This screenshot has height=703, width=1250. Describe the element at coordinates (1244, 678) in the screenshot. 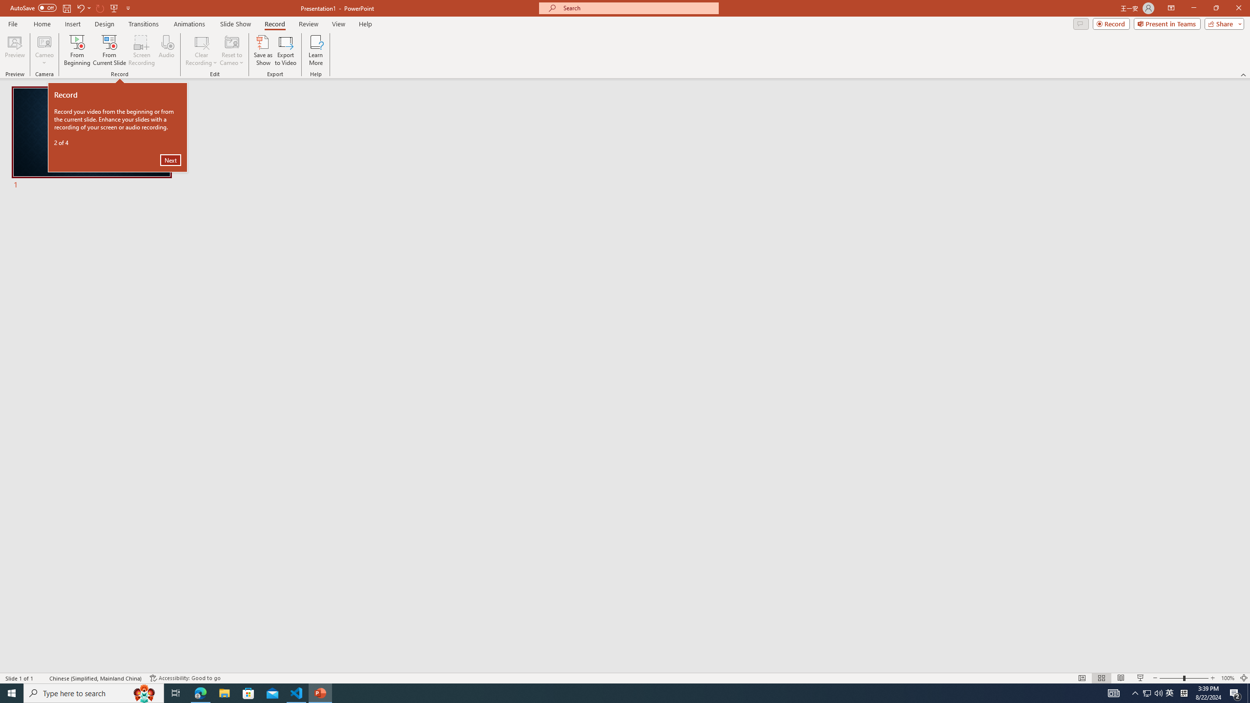

I see `'Zoom to Fit '` at that location.